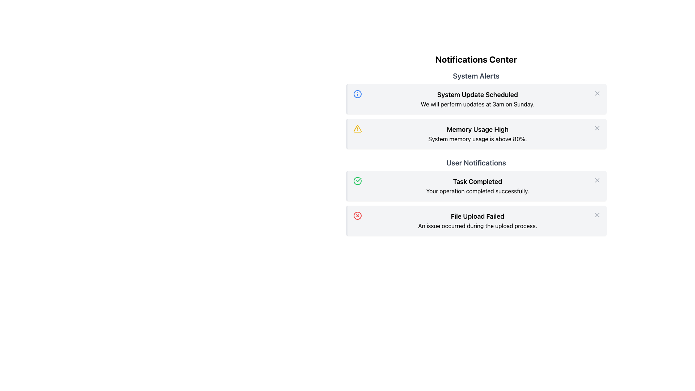 This screenshot has height=391, width=695. What do you see at coordinates (477, 216) in the screenshot?
I see `the text component displaying 'File Upload Failed'` at bounding box center [477, 216].